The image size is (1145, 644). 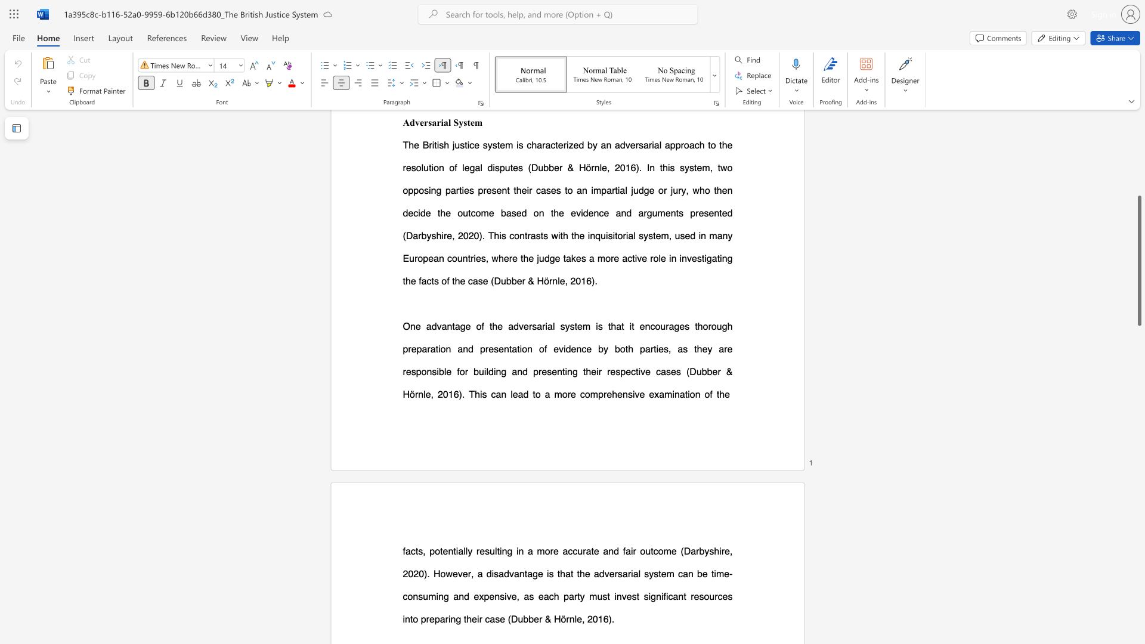 I want to click on the scrollbar to scroll the page up, so click(x=1138, y=89).